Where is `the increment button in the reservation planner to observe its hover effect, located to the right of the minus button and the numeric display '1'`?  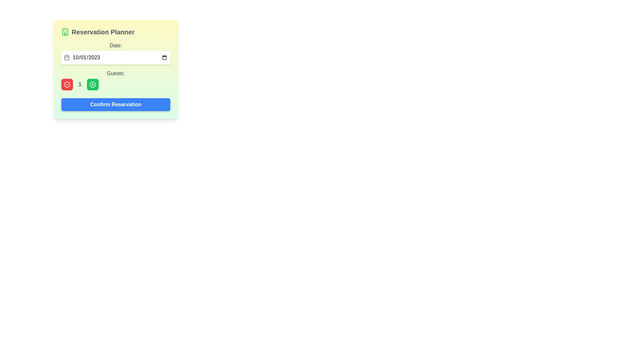 the increment button in the reservation planner to observe its hover effect, located to the right of the minus button and the numeric display '1' is located at coordinates (92, 84).